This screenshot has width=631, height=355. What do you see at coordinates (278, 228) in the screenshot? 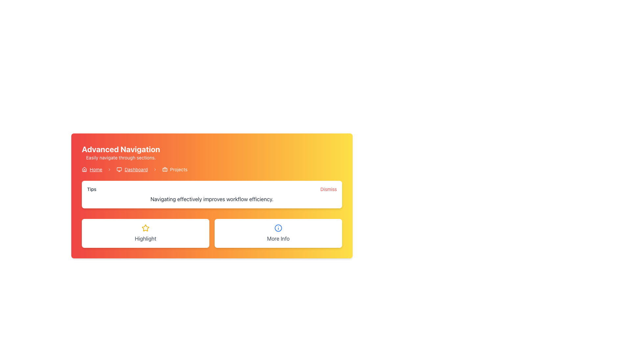
I see `the circular graphical element within the 'More Info' button, which serves as a visual indicator for additional information` at bounding box center [278, 228].